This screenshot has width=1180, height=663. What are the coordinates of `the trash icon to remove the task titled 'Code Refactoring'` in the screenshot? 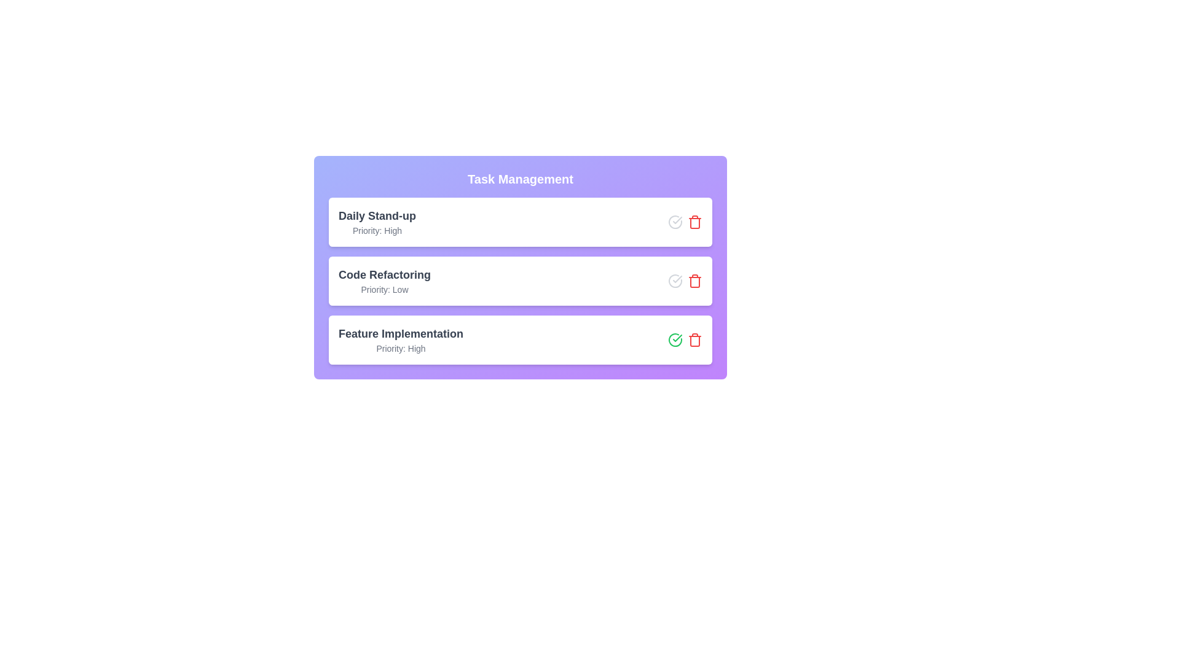 It's located at (695, 281).